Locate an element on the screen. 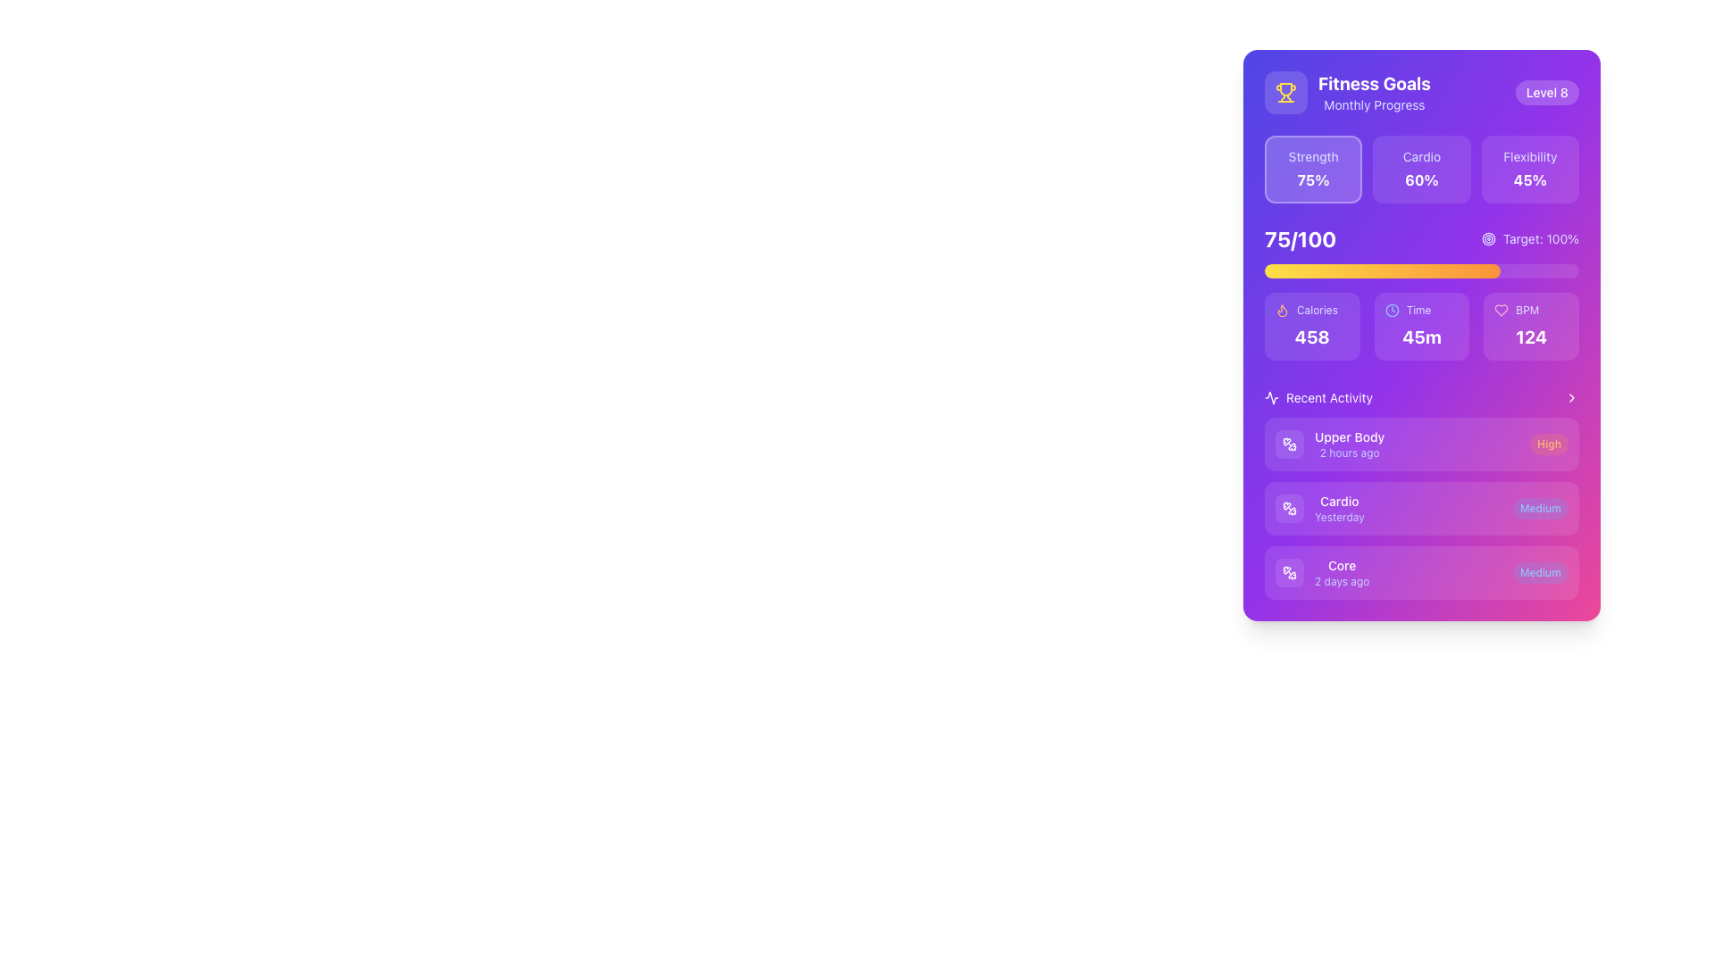 The height and width of the screenshot is (964, 1715). the label that displays 'Core' and '2 days ago', which is the third entry under the 'Recent Activity' section of the interface is located at coordinates (1342, 572).